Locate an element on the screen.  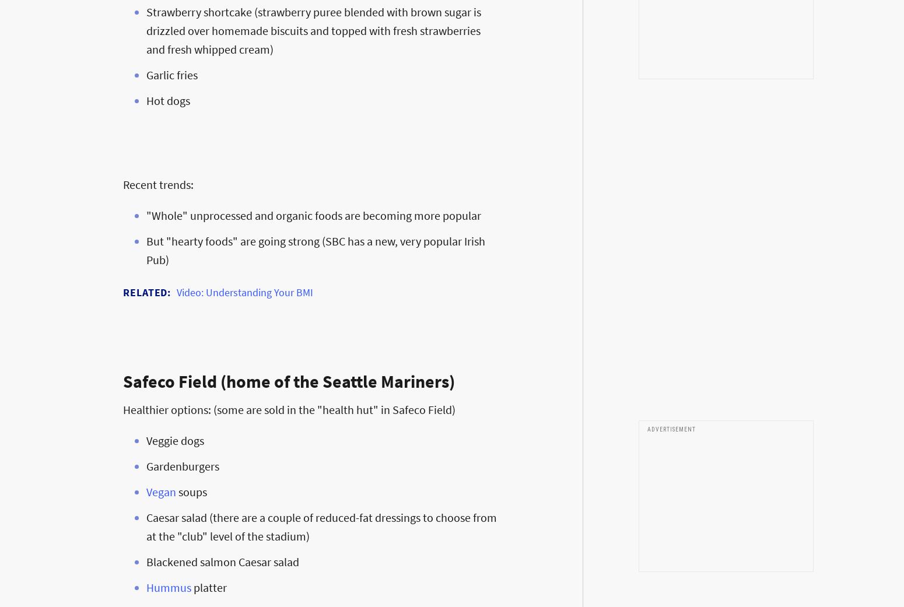
'Veggie dogs' is located at coordinates (175, 440).